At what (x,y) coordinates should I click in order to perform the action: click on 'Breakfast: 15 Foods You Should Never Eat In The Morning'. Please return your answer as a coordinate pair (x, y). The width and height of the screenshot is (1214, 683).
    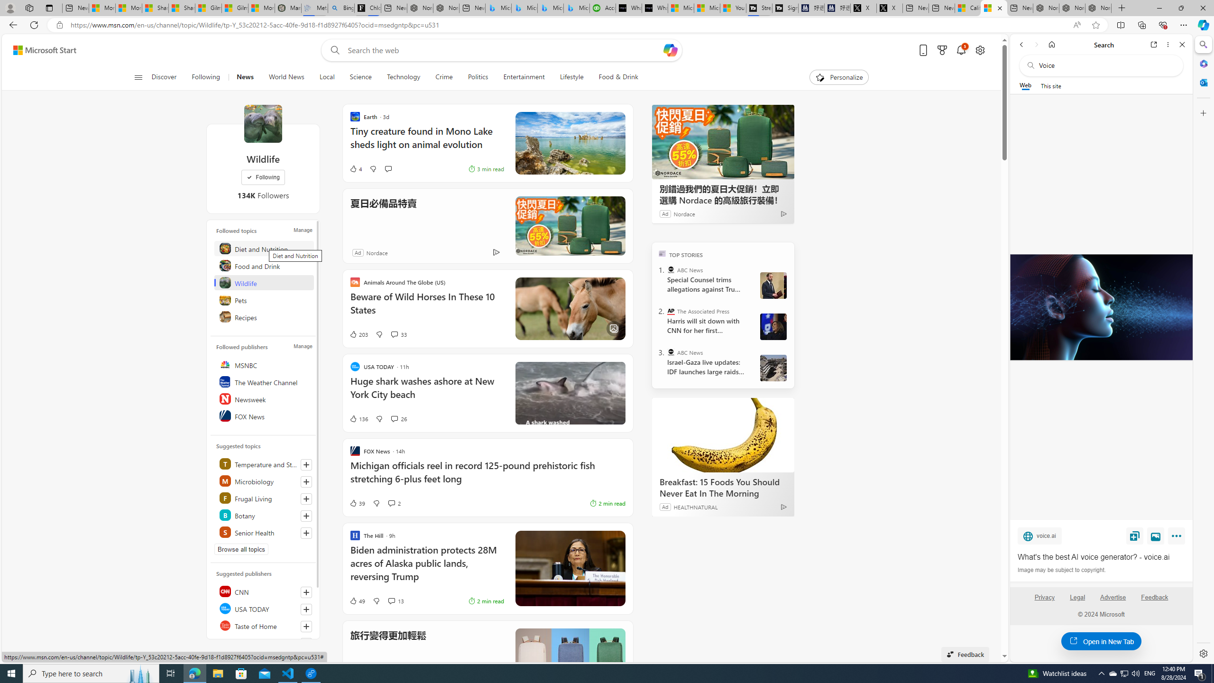
    Looking at the image, I should click on (723, 434).